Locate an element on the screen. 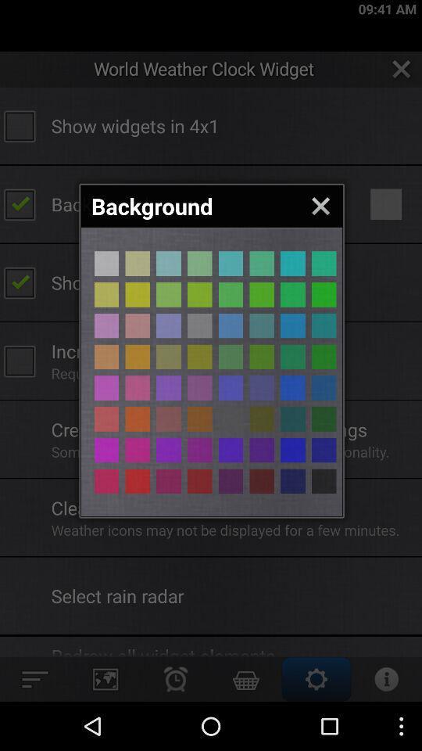  selects the highlighted color is located at coordinates (105, 357).